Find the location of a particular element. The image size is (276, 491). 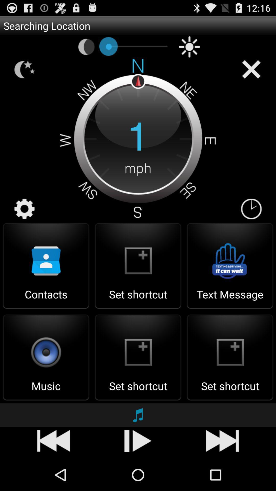

the skip_next icon is located at coordinates (222, 471).